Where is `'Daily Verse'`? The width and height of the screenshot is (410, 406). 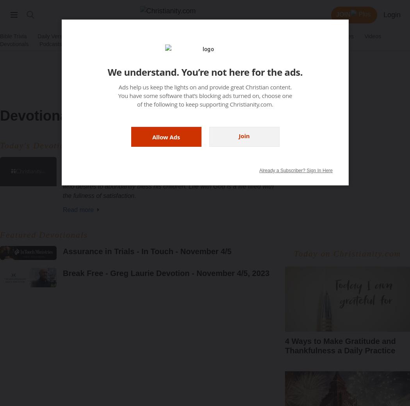 'Daily Verse' is located at coordinates (51, 36).